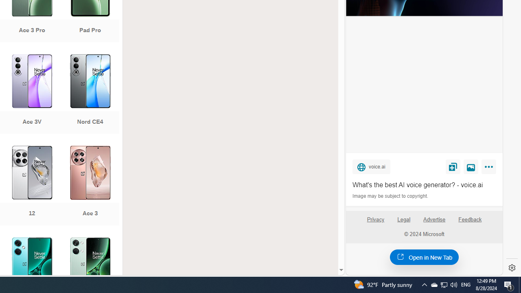 The height and width of the screenshot is (293, 521). What do you see at coordinates (433, 219) in the screenshot?
I see `'Advertise'` at bounding box center [433, 219].